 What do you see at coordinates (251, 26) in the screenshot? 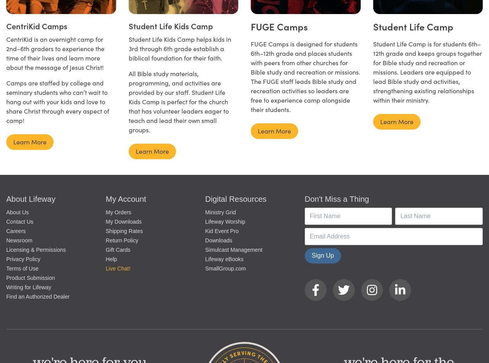
I see `'FUGE Camps'` at bounding box center [251, 26].